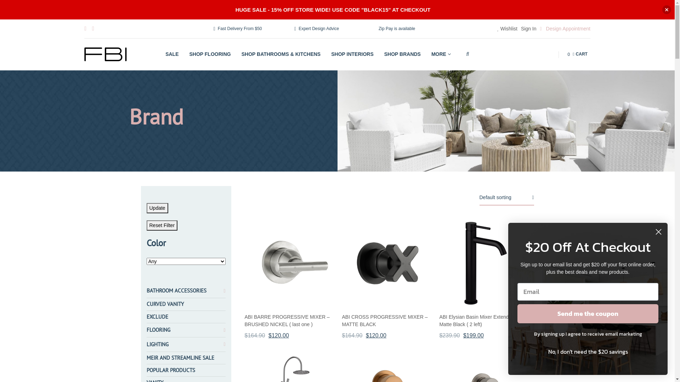 The image size is (680, 382). What do you see at coordinates (316, 28) in the screenshot?
I see `'Expert Design Advice'` at bounding box center [316, 28].